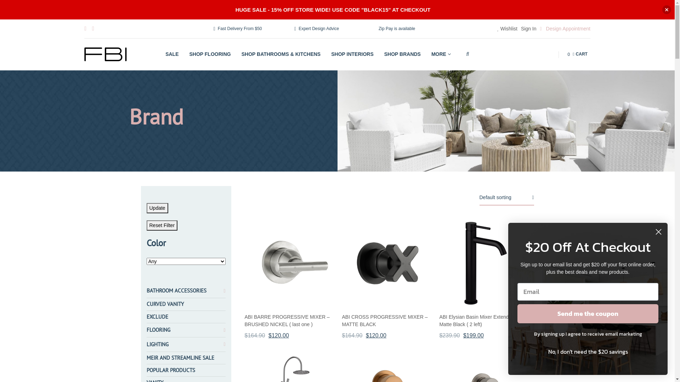 The image size is (680, 382). What do you see at coordinates (316, 28) in the screenshot?
I see `'Expert Design Advice'` at bounding box center [316, 28].